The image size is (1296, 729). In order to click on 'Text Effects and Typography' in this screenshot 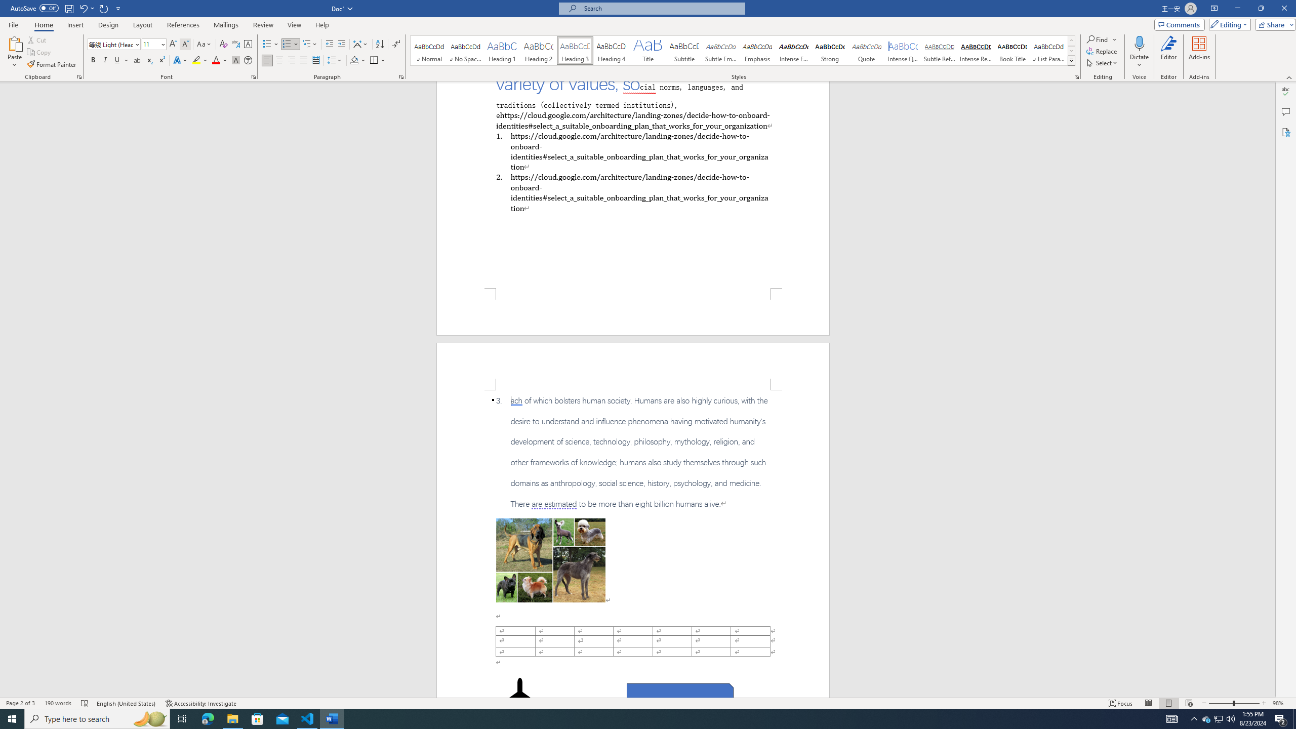, I will do `click(179, 60)`.